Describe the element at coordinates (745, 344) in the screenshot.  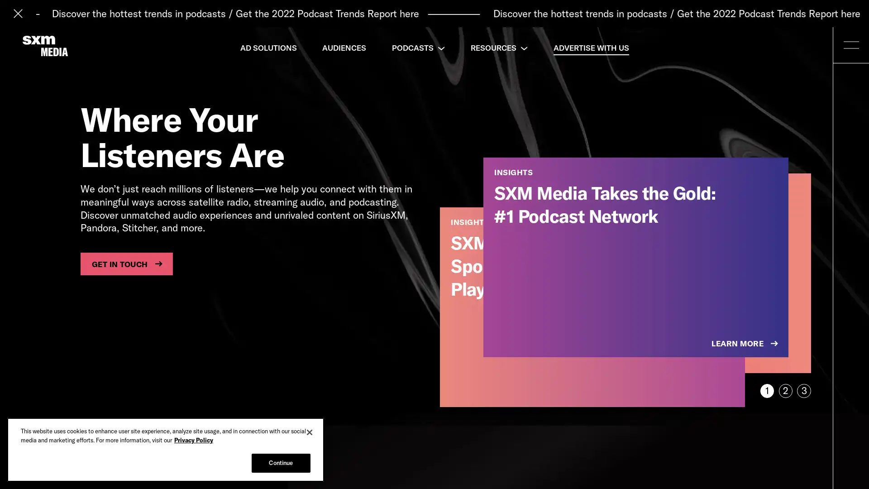
I see `LEARN MORE` at that location.